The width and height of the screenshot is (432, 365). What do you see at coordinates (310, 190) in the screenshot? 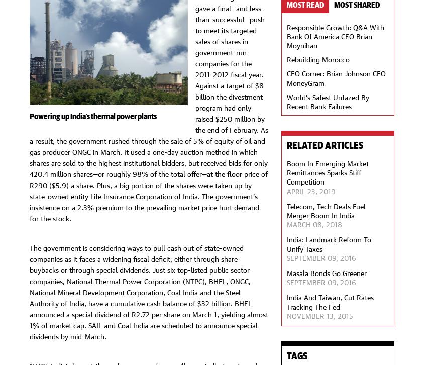
I see `'April 23, 2019'` at bounding box center [310, 190].